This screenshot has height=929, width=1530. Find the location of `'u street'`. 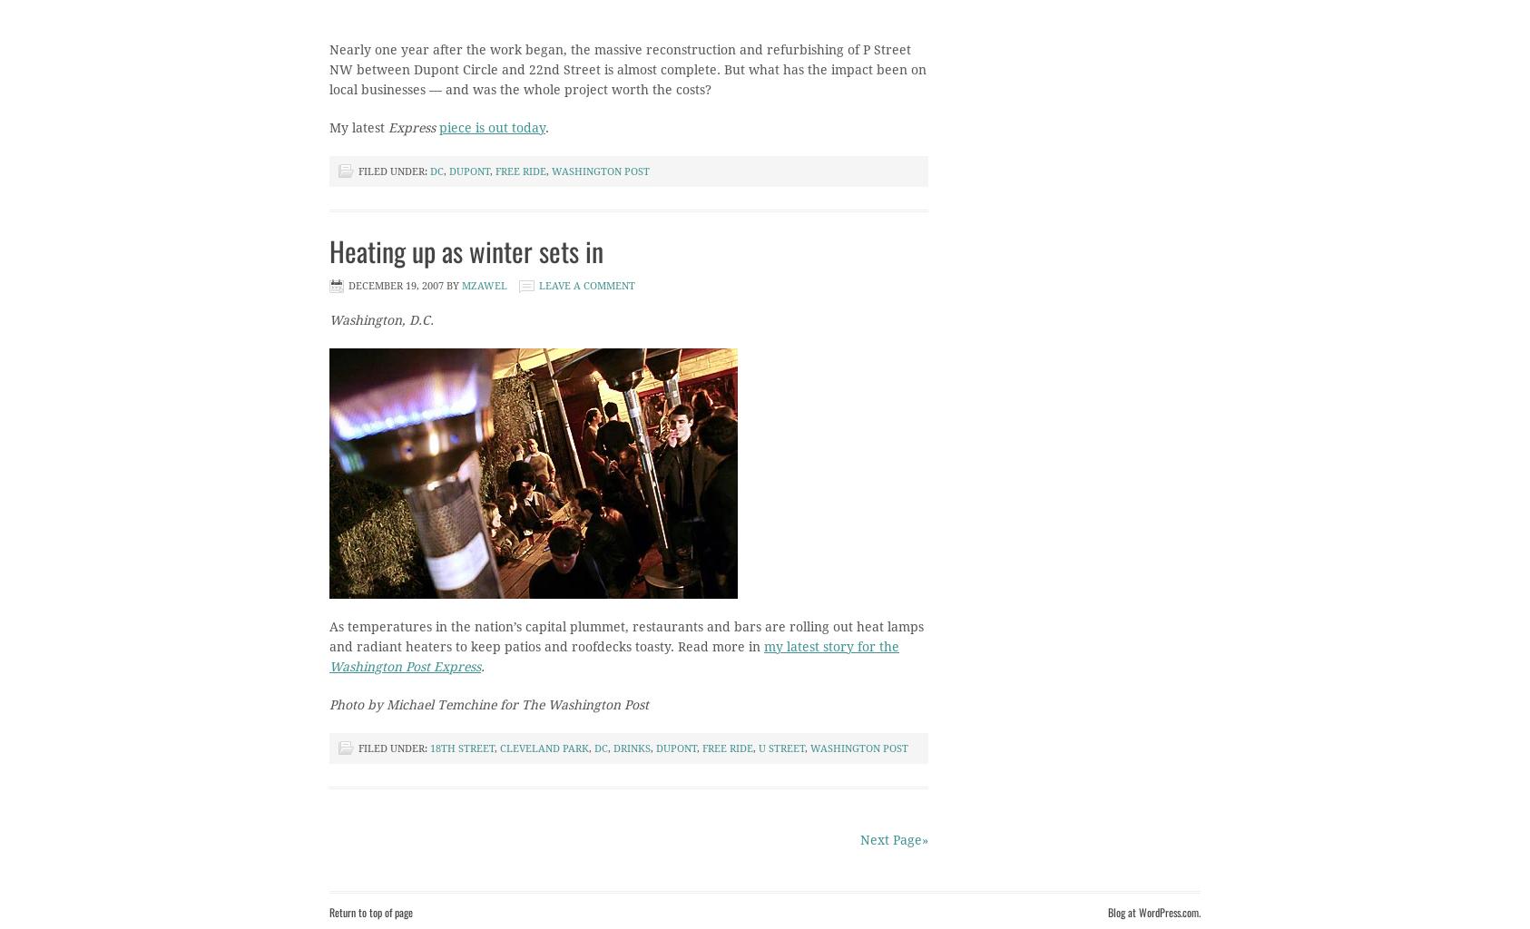

'u street' is located at coordinates (780, 748).